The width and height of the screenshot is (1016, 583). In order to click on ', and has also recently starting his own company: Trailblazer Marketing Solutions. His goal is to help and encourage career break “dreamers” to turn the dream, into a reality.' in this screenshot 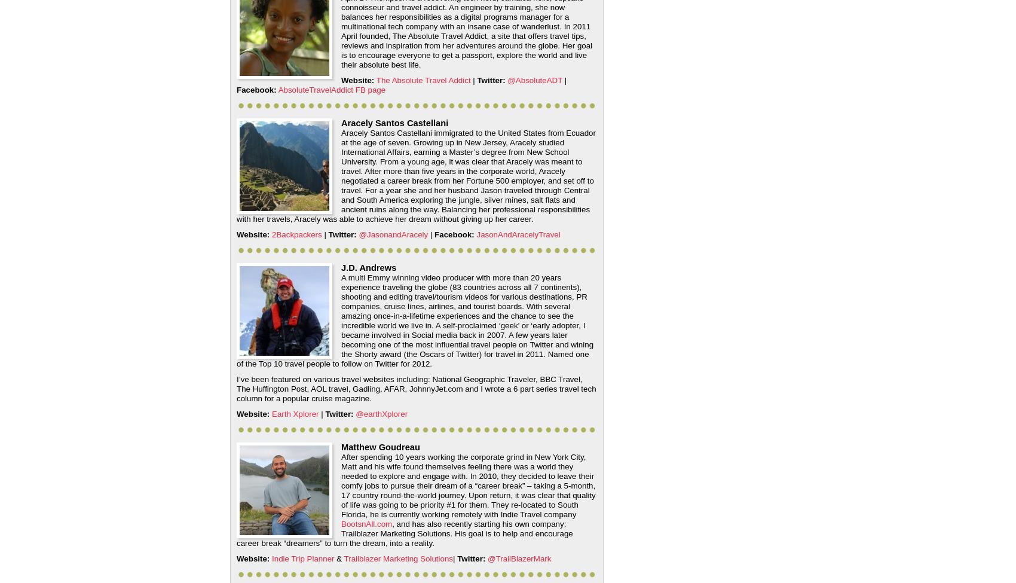, I will do `click(235, 533)`.